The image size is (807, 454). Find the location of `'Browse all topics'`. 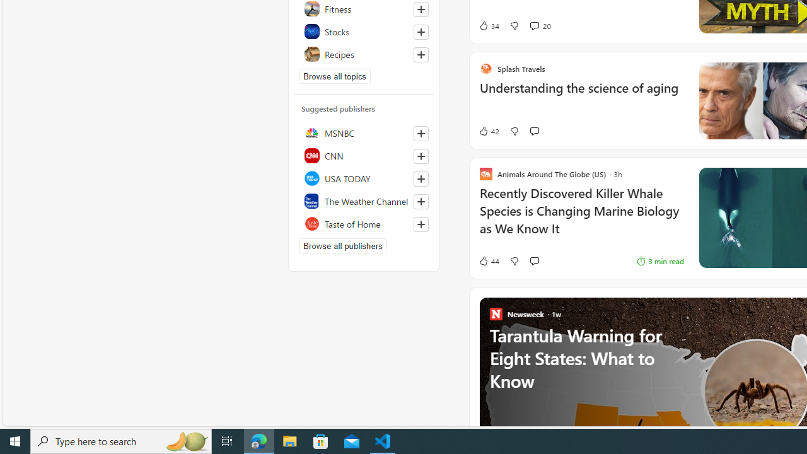

'Browse all topics' is located at coordinates (335, 76).